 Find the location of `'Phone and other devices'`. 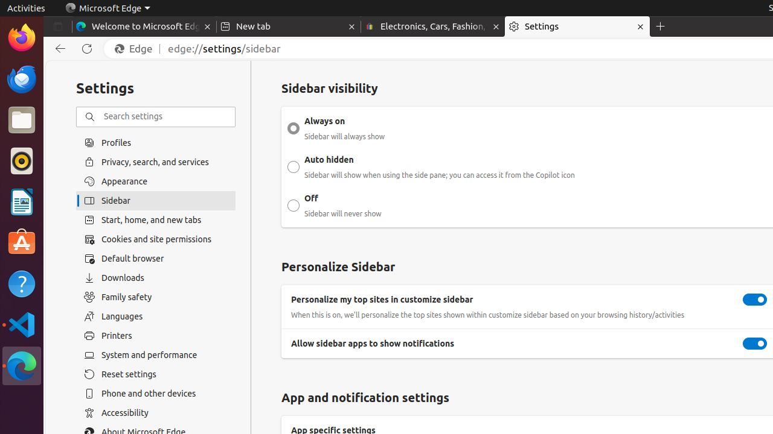

'Phone and other devices' is located at coordinates (155, 393).